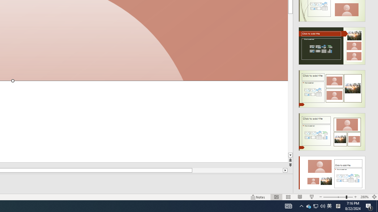  Describe the element at coordinates (290, 155) in the screenshot. I see `'Line down'` at that location.